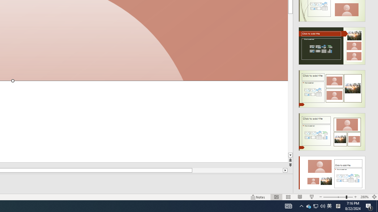  Describe the element at coordinates (290, 155) in the screenshot. I see `'Line down'` at that location.